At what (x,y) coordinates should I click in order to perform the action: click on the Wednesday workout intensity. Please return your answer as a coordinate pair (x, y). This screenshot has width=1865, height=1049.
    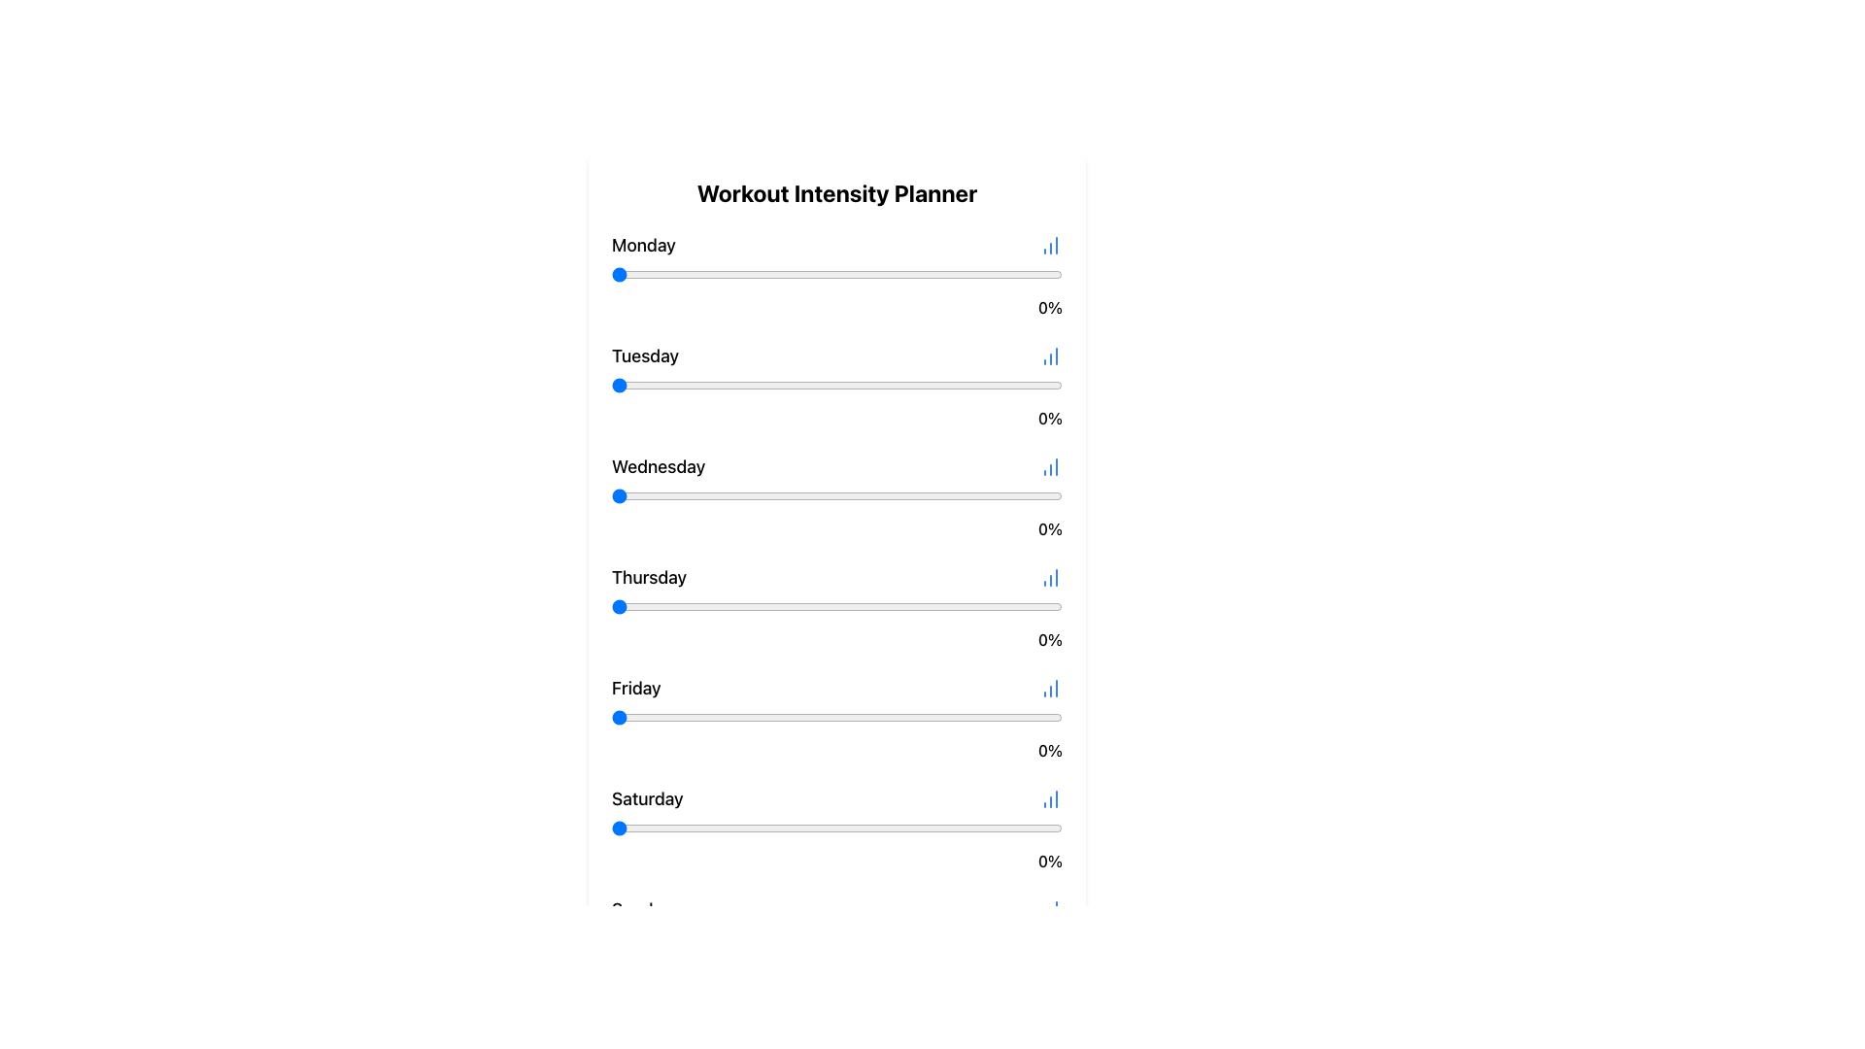
    Looking at the image, I should click on (732, 494).